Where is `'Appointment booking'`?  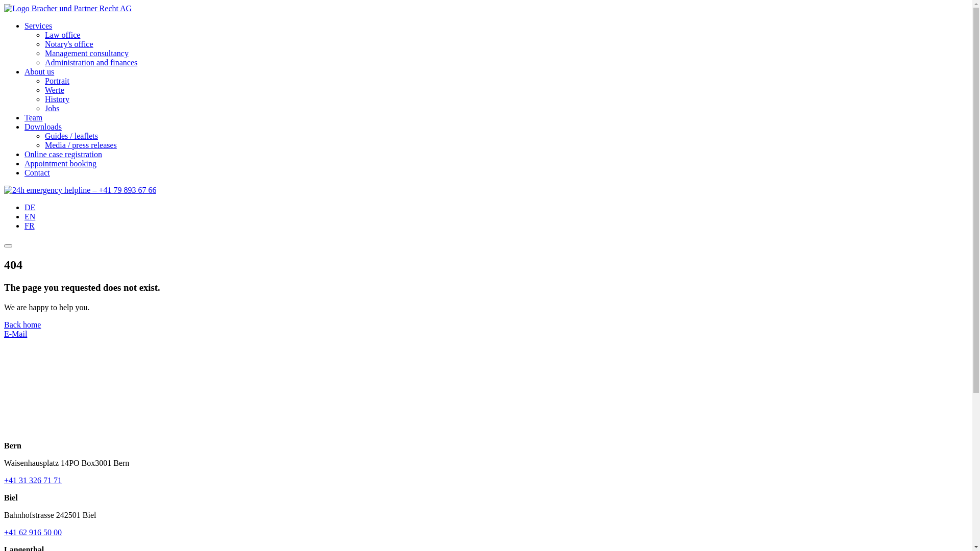
'Appointment booking' is located at coordinates (60, 163).